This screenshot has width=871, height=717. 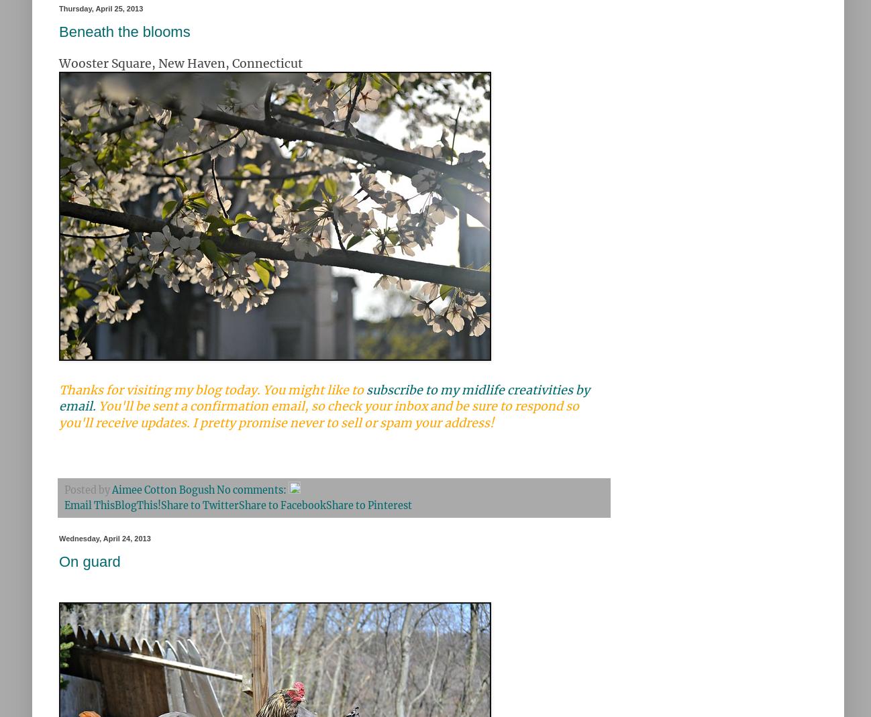 I want to click on 'Share to Twitter', so click(x=199, y=505).